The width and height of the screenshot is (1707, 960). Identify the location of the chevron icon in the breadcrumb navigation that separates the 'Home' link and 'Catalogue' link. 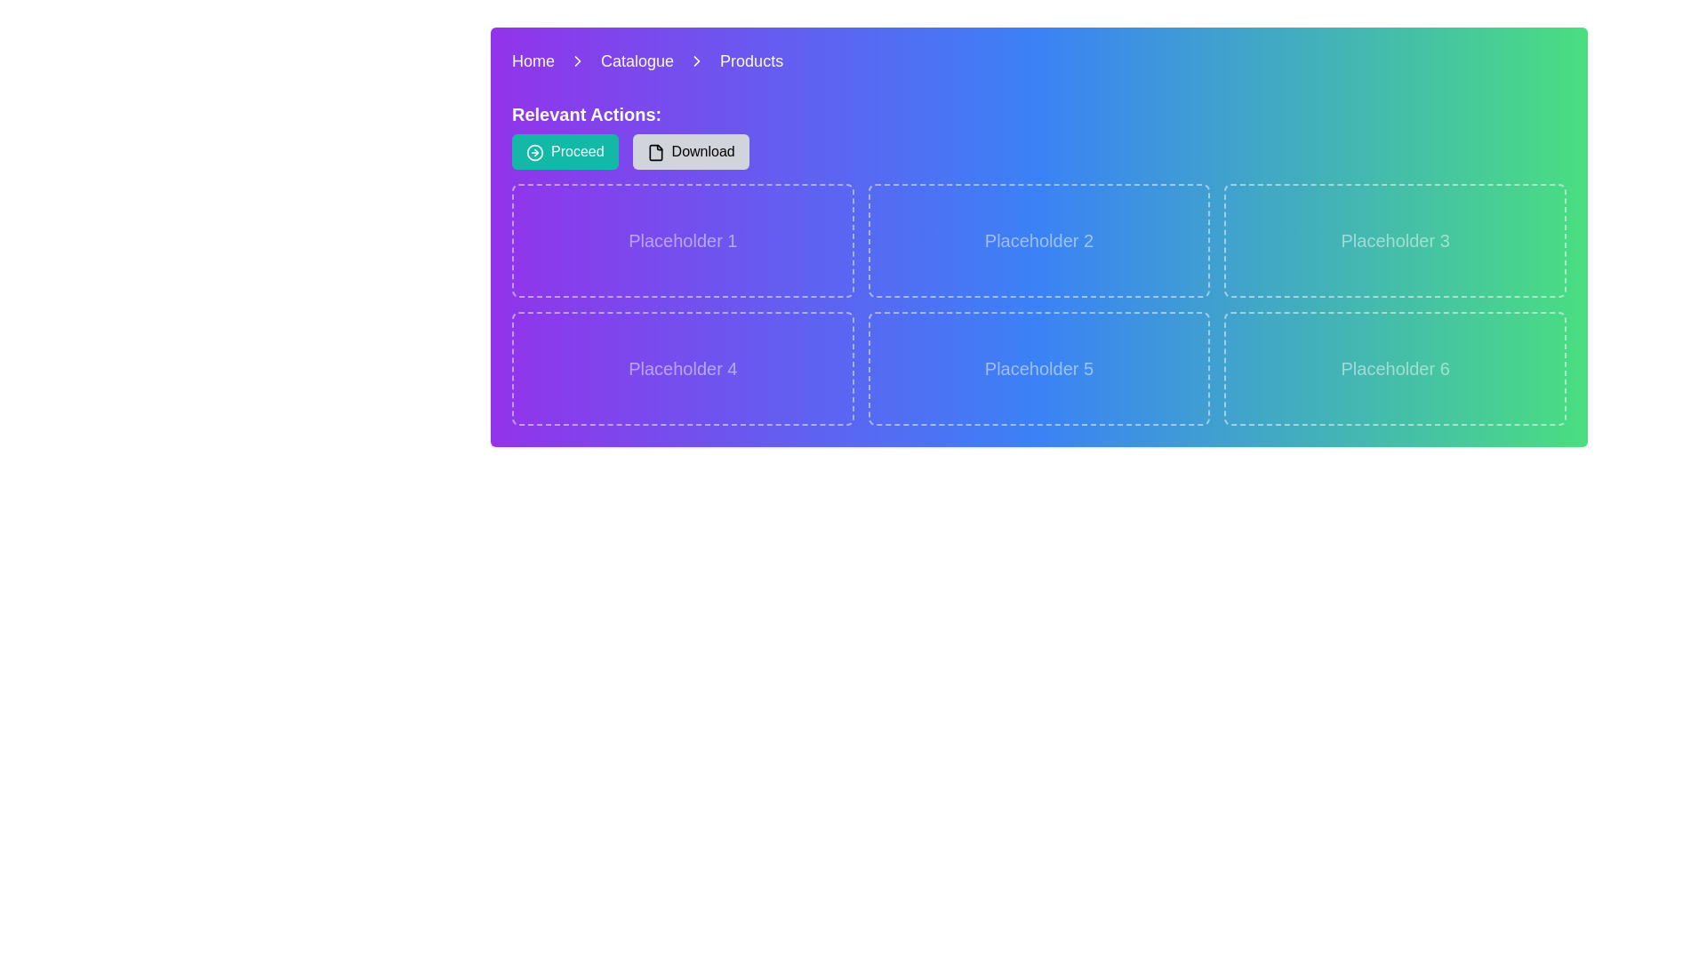
(578, 60).